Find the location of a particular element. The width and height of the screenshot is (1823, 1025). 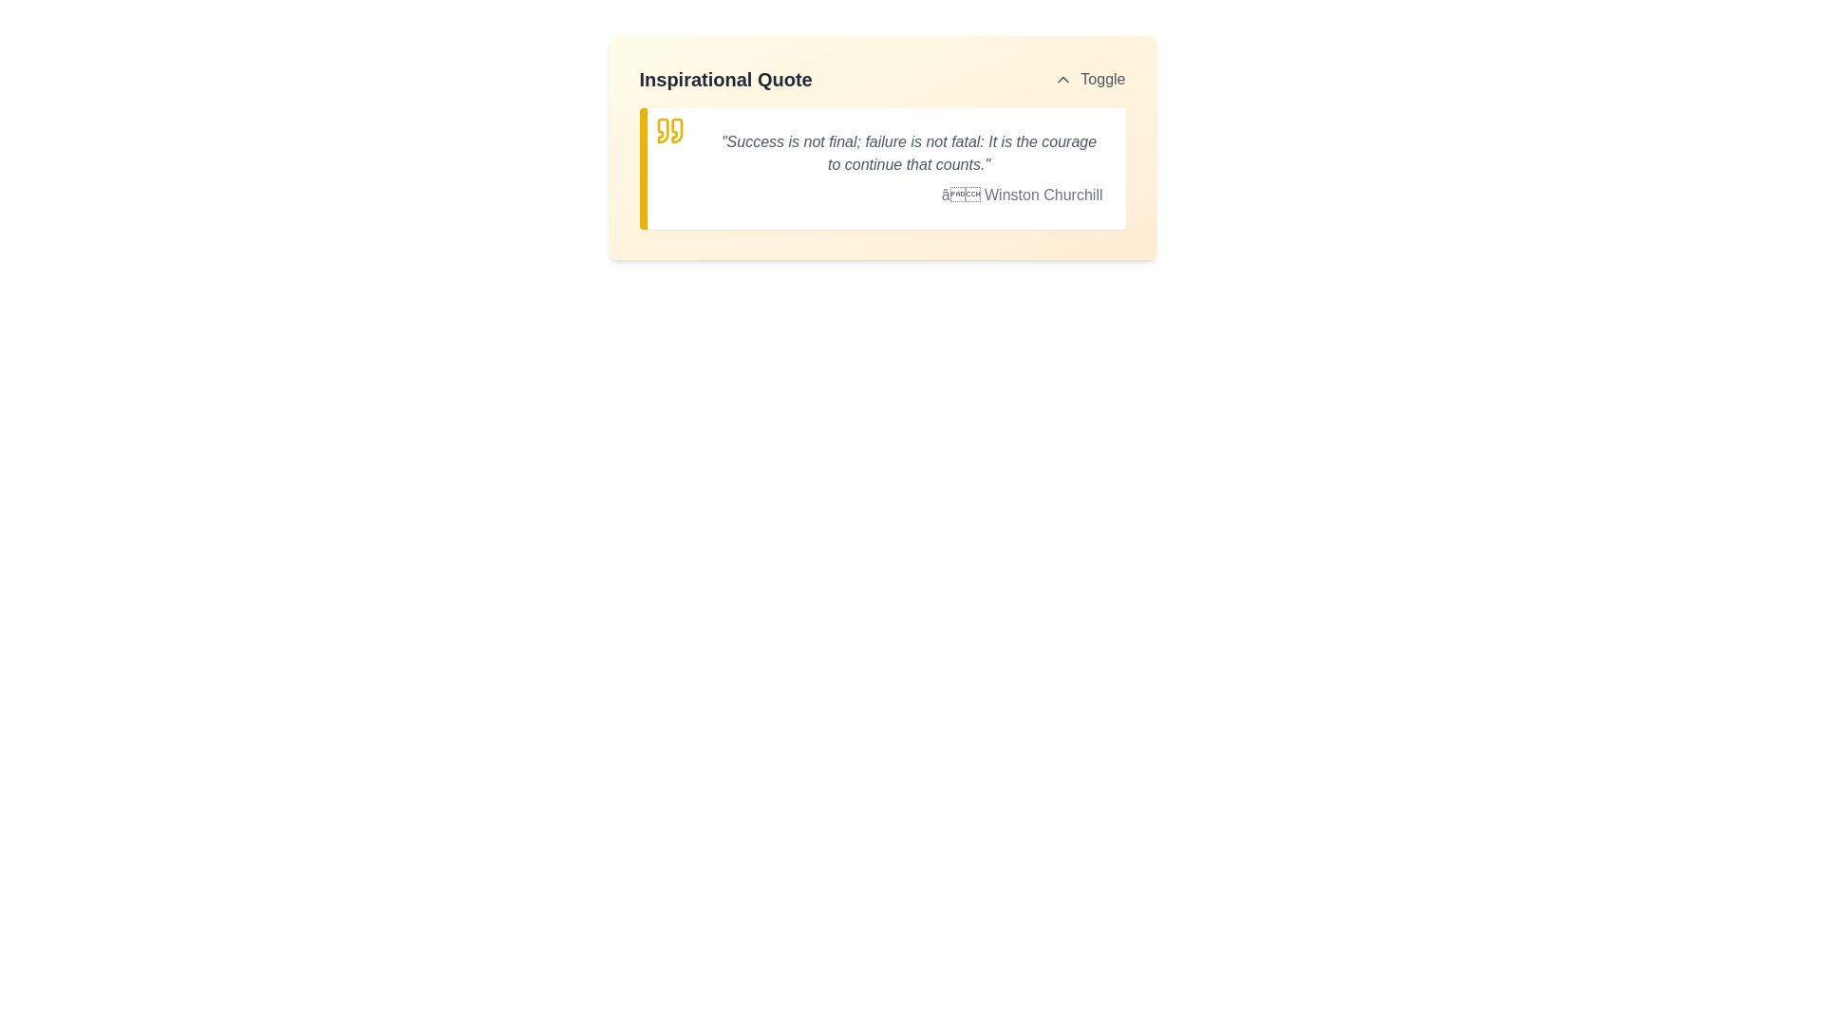

the Chevron Up icon located to the left of the 'Toggle' label in the upper-right corner of the panel is located at coordinates (1063, 79).